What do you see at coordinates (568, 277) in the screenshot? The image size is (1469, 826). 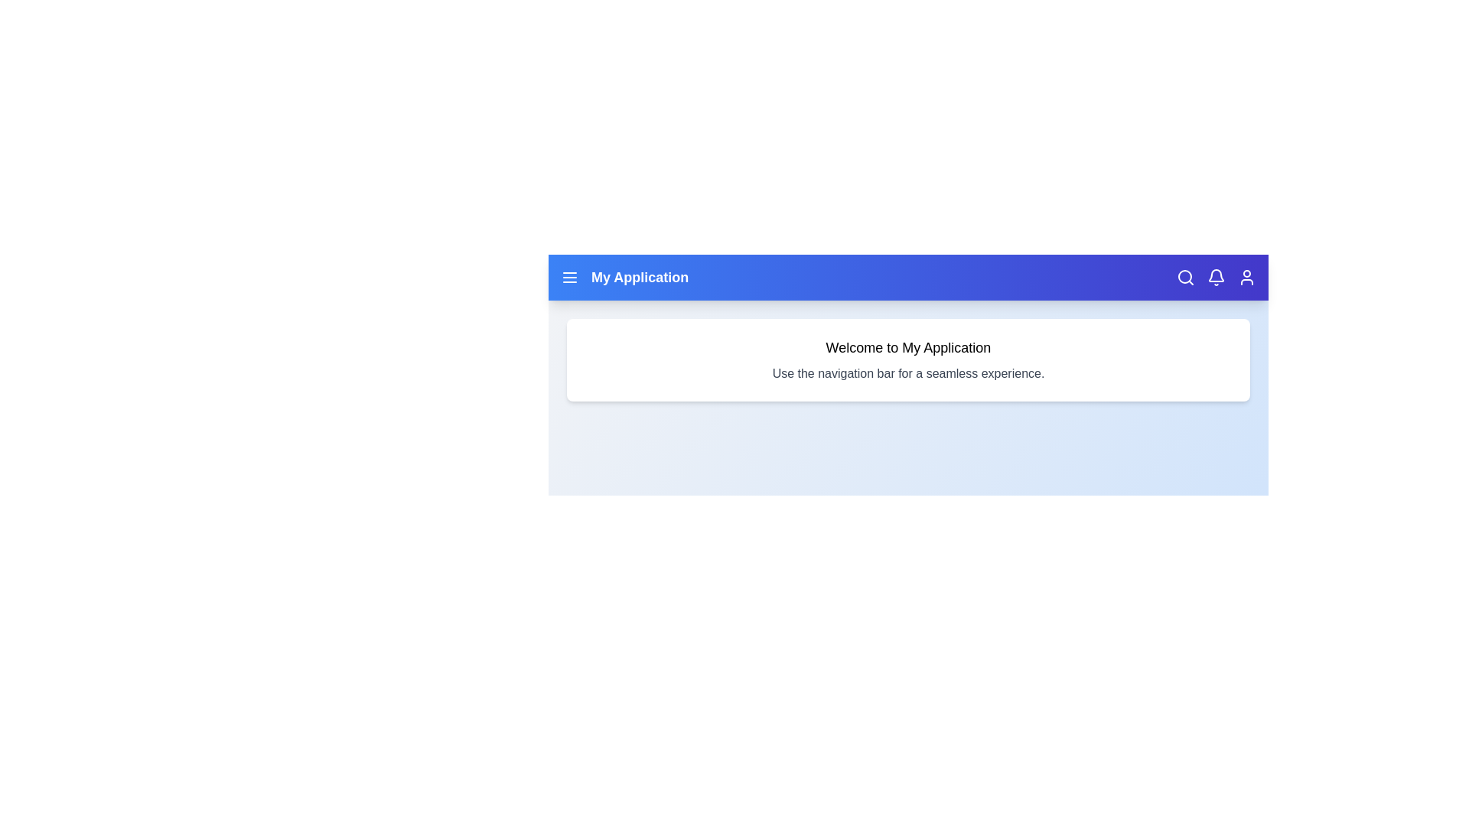 I see `the menu icon to toggle the navigation menu` at bounding box center [568, 277].